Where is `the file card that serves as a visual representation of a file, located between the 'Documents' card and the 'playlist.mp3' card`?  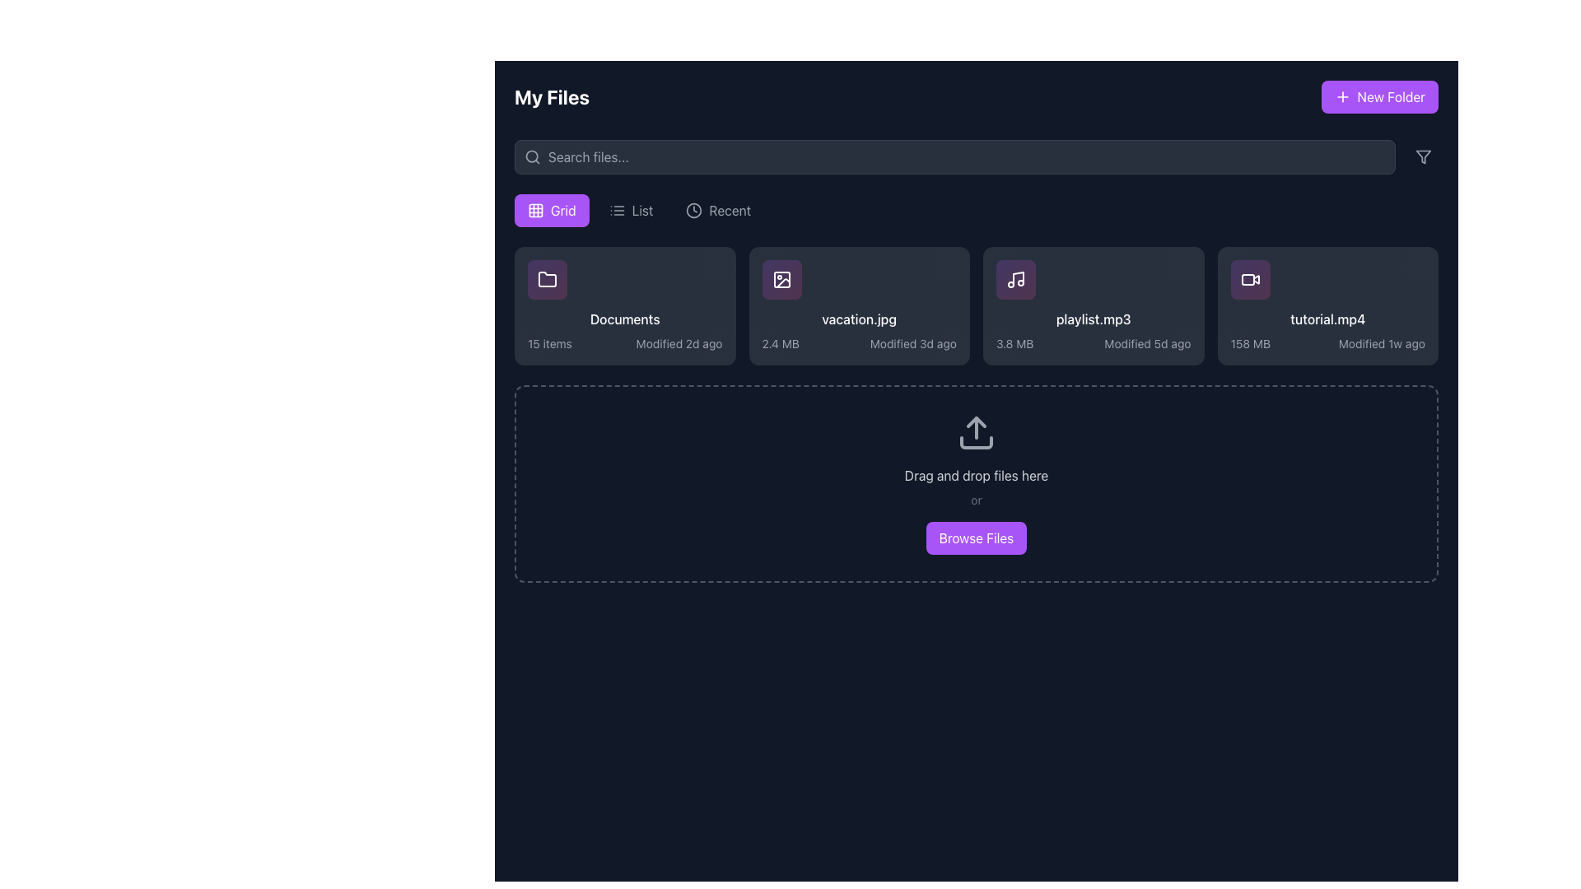 the file card that serves as a visual representation of a file, located between the 'Documents' card and the 'playlist.mp3' card is located at coordinates (858, 305).